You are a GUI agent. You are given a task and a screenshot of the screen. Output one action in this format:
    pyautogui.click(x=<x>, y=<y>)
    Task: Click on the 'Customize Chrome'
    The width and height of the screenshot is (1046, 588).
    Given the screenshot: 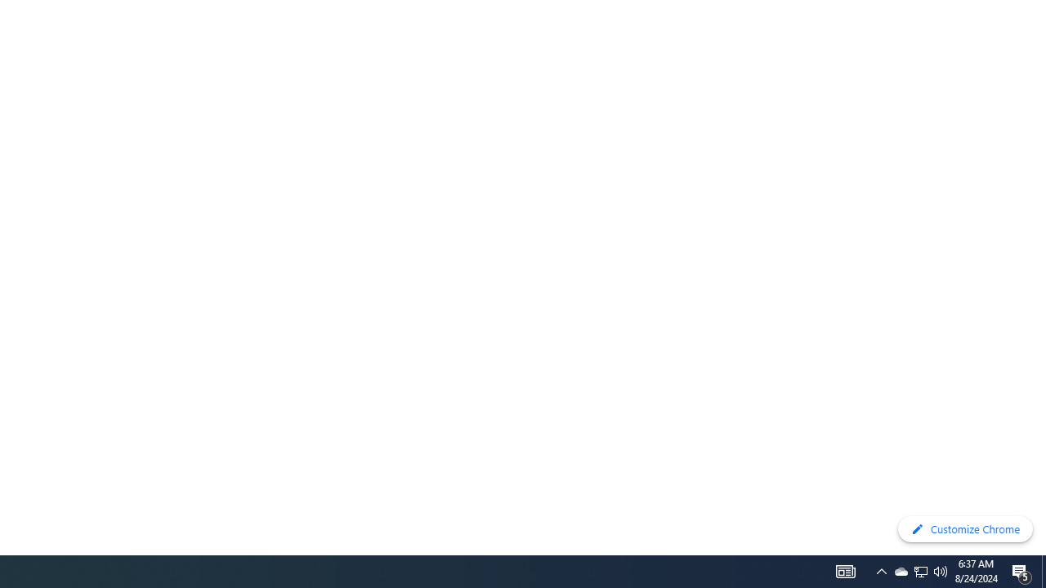 What is the action you would take?
    pyautogui.click(x=965, y=529)
    